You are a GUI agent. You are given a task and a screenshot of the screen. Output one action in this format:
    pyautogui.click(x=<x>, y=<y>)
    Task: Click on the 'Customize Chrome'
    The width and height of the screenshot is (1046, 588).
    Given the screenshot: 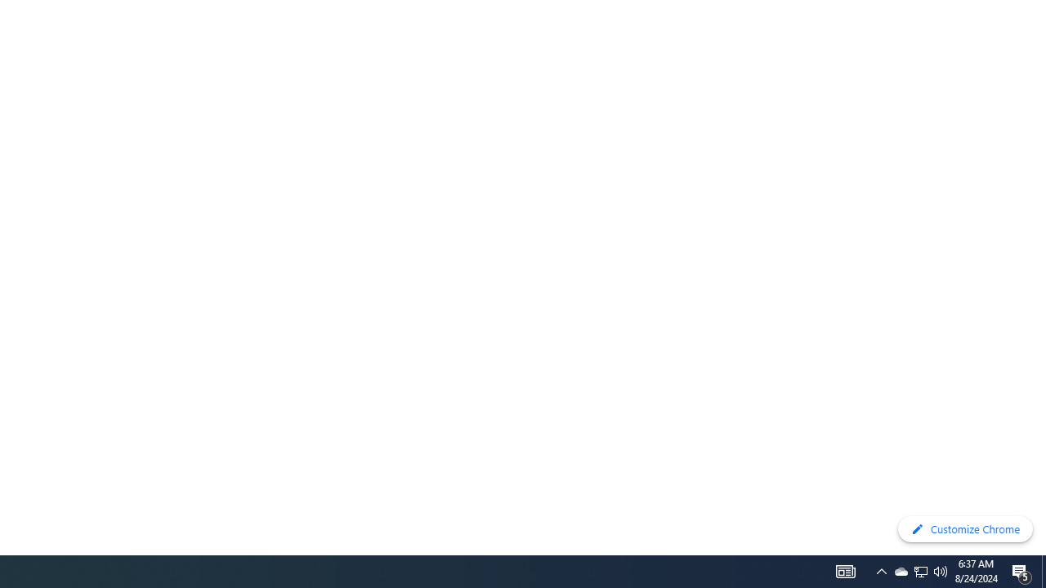 What is the action you would take?
    pyautogui.click(x=965, y=529)
    